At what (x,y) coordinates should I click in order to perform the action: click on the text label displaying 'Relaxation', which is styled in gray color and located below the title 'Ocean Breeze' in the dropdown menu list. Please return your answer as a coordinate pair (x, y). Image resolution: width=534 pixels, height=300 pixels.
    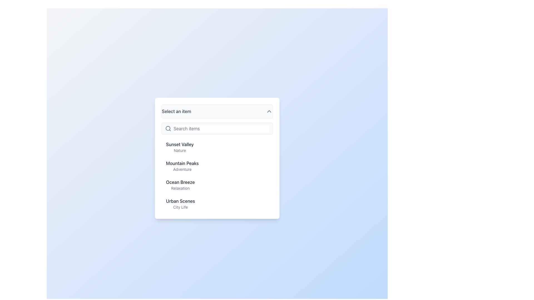
    Looking at the image, I should click on (180, 188).